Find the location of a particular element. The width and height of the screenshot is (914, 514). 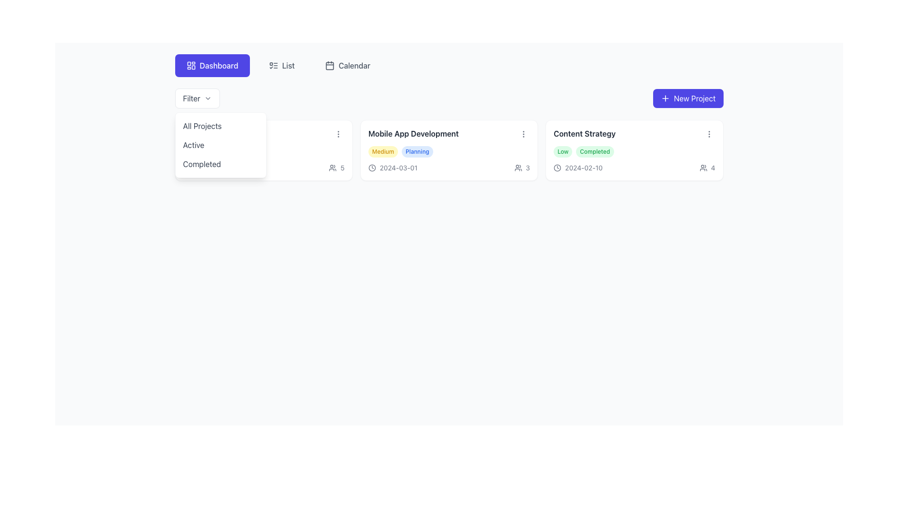

the 'Low' badge indicating a low level of urgency within the 'Content Strategy' card in the second column is located at coordinates (563, 151).